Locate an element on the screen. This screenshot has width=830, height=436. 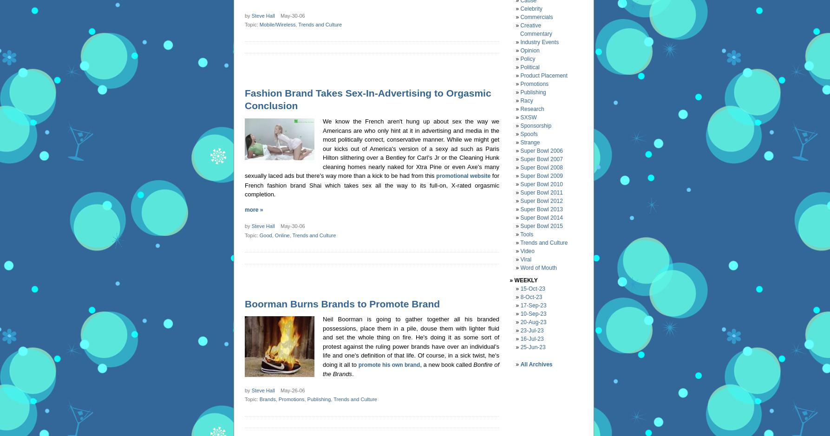
'Good' is located at coordinates (265, 235).